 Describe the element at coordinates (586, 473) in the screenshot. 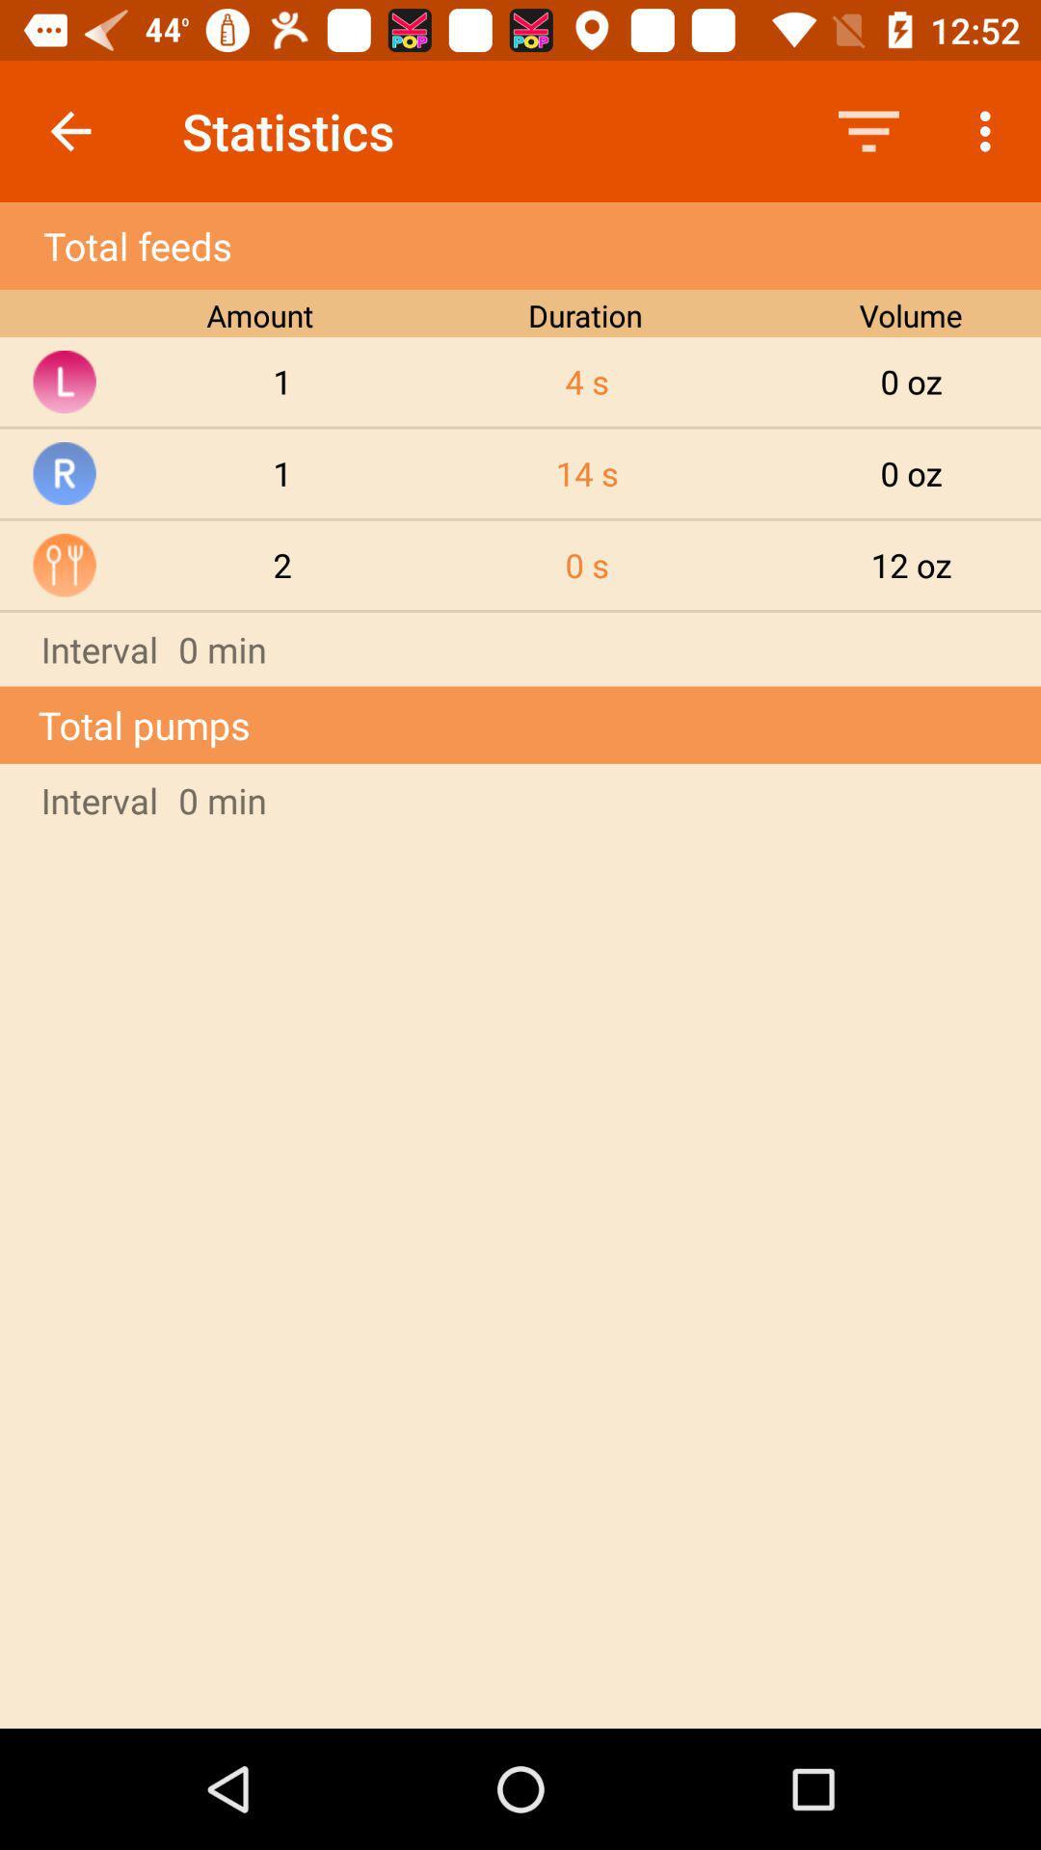

I see `14 s icon` at that location.